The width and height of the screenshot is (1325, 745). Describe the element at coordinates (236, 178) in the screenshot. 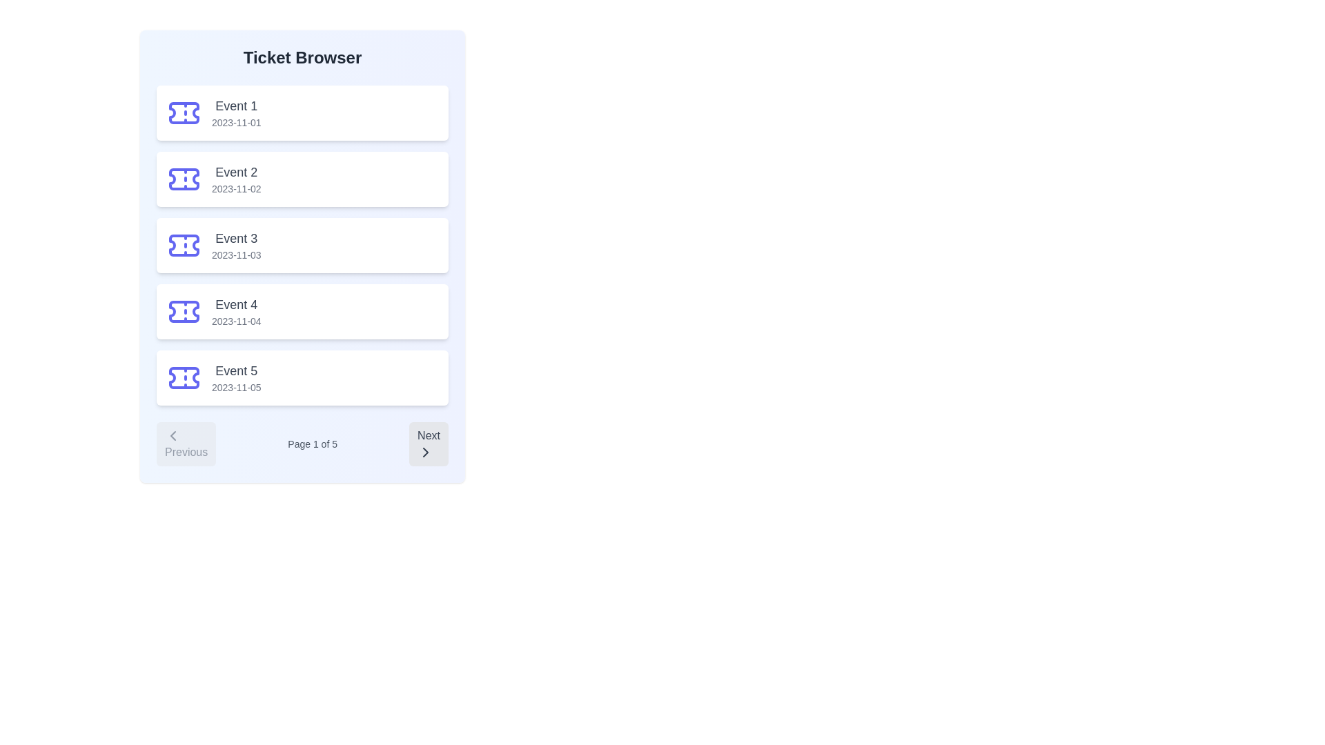

I see `the text block element displaying 'Event 2' as the title and '2023-11-02' as the subtitle` at that location.